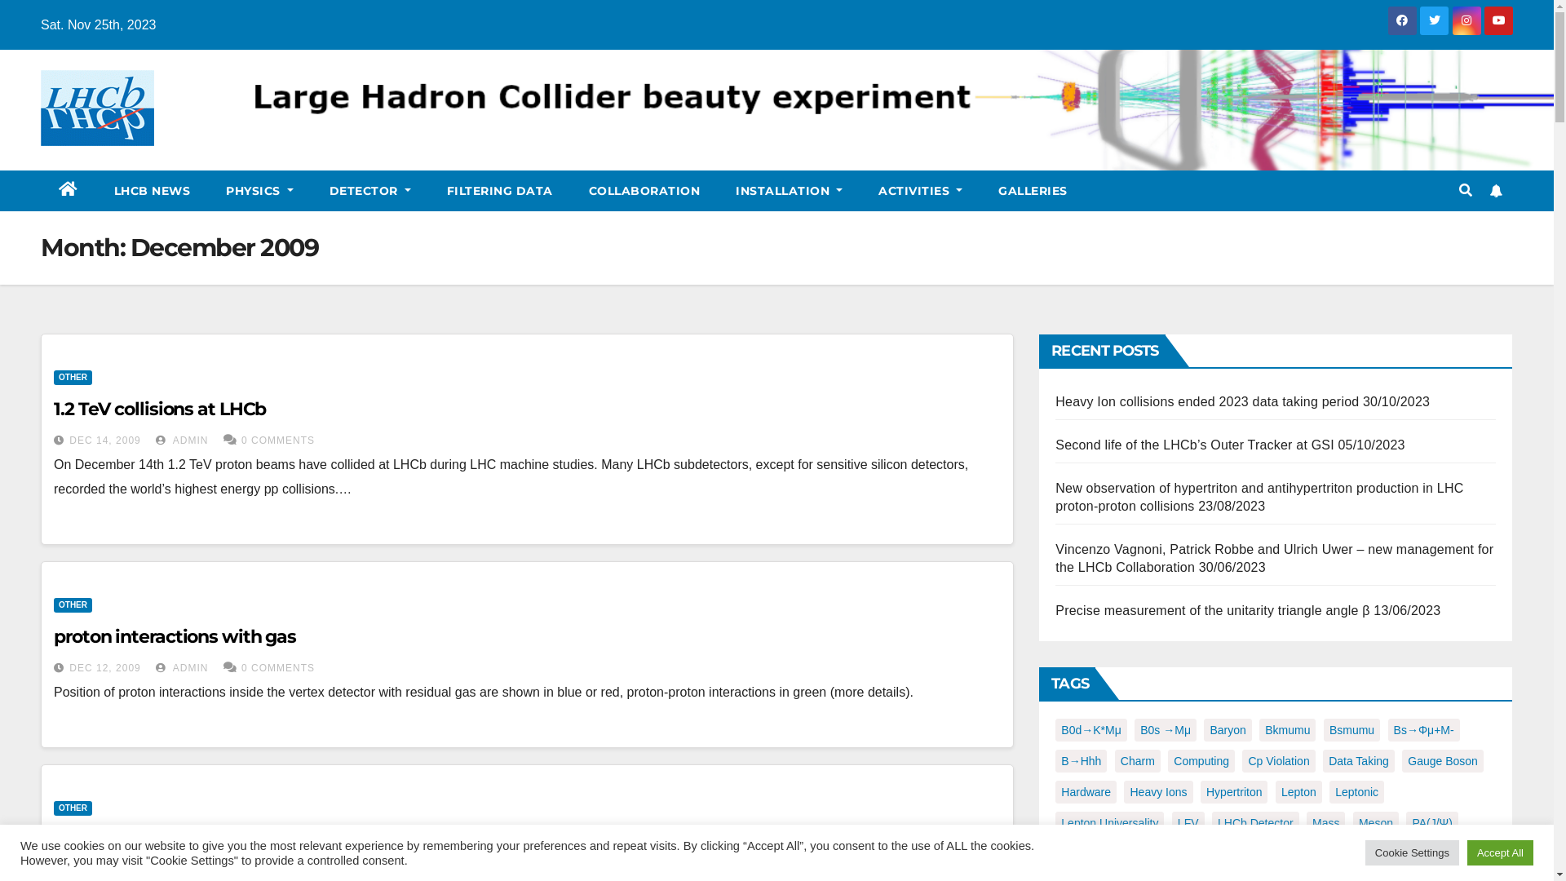 Image resolution: width=1566 pixels, height=881 pixels. I want to click on 'Lepton Universality', so click(1109, 823).